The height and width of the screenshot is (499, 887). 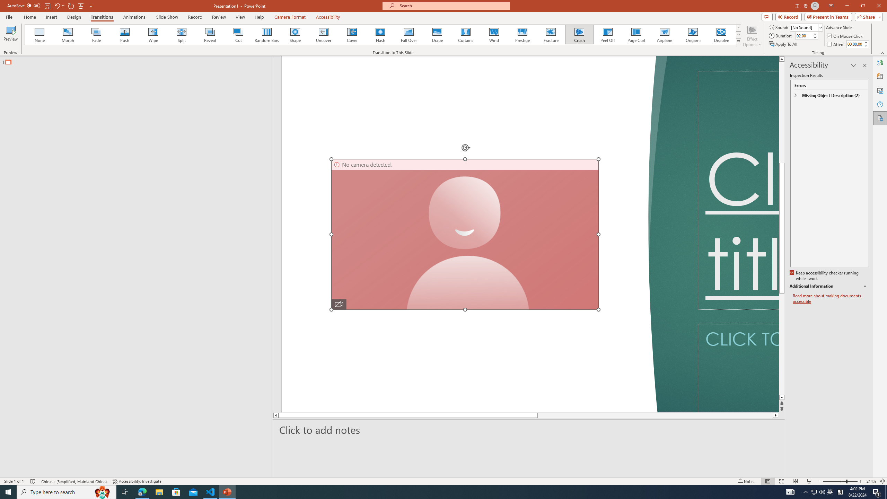 What do you see at coordinates (267, 34) in the screenshot?
I see `'Random Bars'` at bounding box center [267, 34].